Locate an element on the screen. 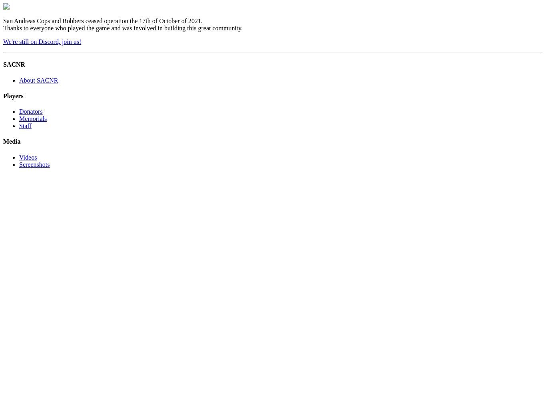 The height and width of the screenshot is (399, 546). 'San Andreas Cops and Robbers ceased operation the 17th of October of 2021.' is located at coordinates (103, 21).